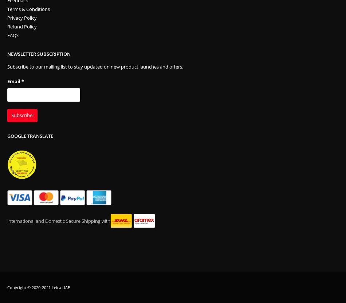 The height and width of the screenshot is (303, 346). What do you see at coordinates (30, 136) in the screenshot?
I see `'Google Translate'` at bounding box center [30, 136].